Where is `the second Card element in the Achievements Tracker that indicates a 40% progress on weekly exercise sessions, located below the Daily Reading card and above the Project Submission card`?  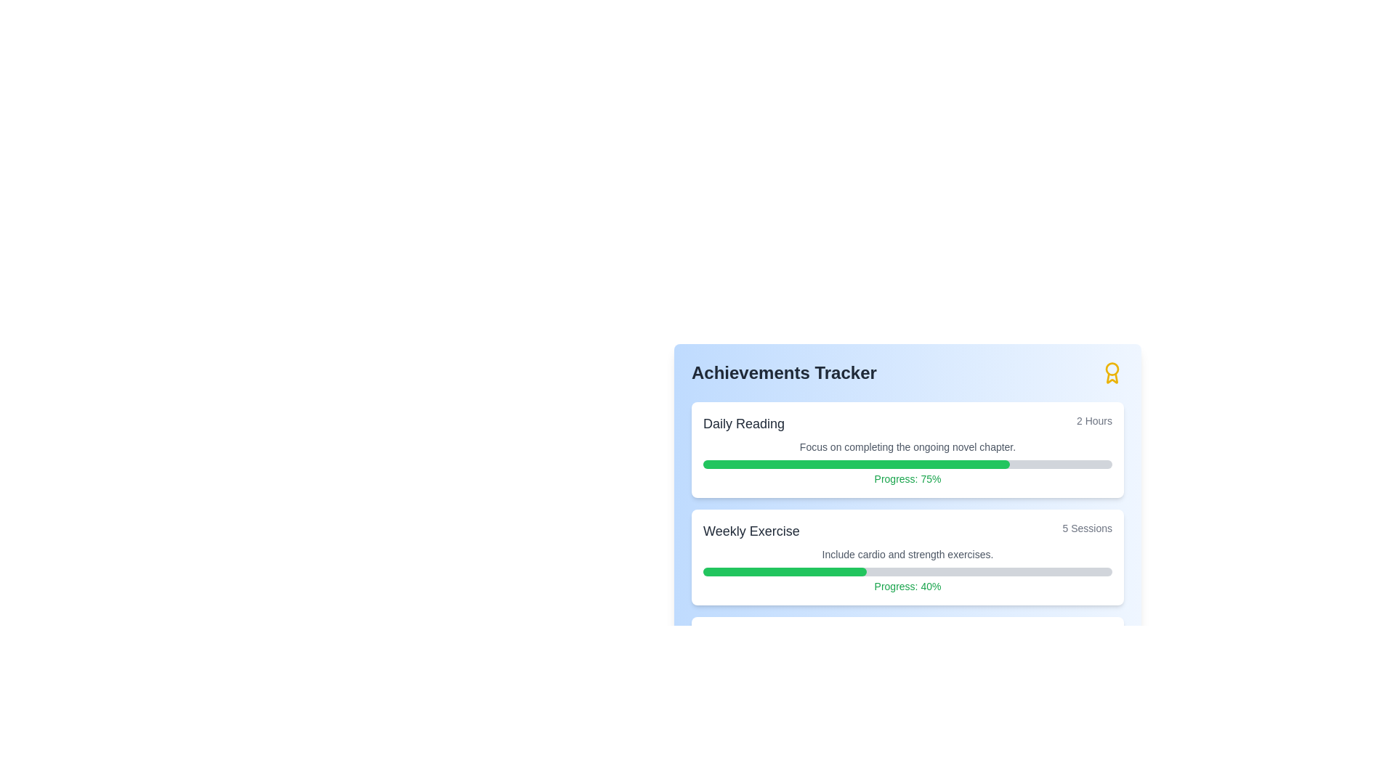
the second Card element in the Achievements Tracker that indicates a 40% progress on weekly exercise sessions, located below the Daily Reading card and above the Project Submission card is located at coordinates (907, 556).